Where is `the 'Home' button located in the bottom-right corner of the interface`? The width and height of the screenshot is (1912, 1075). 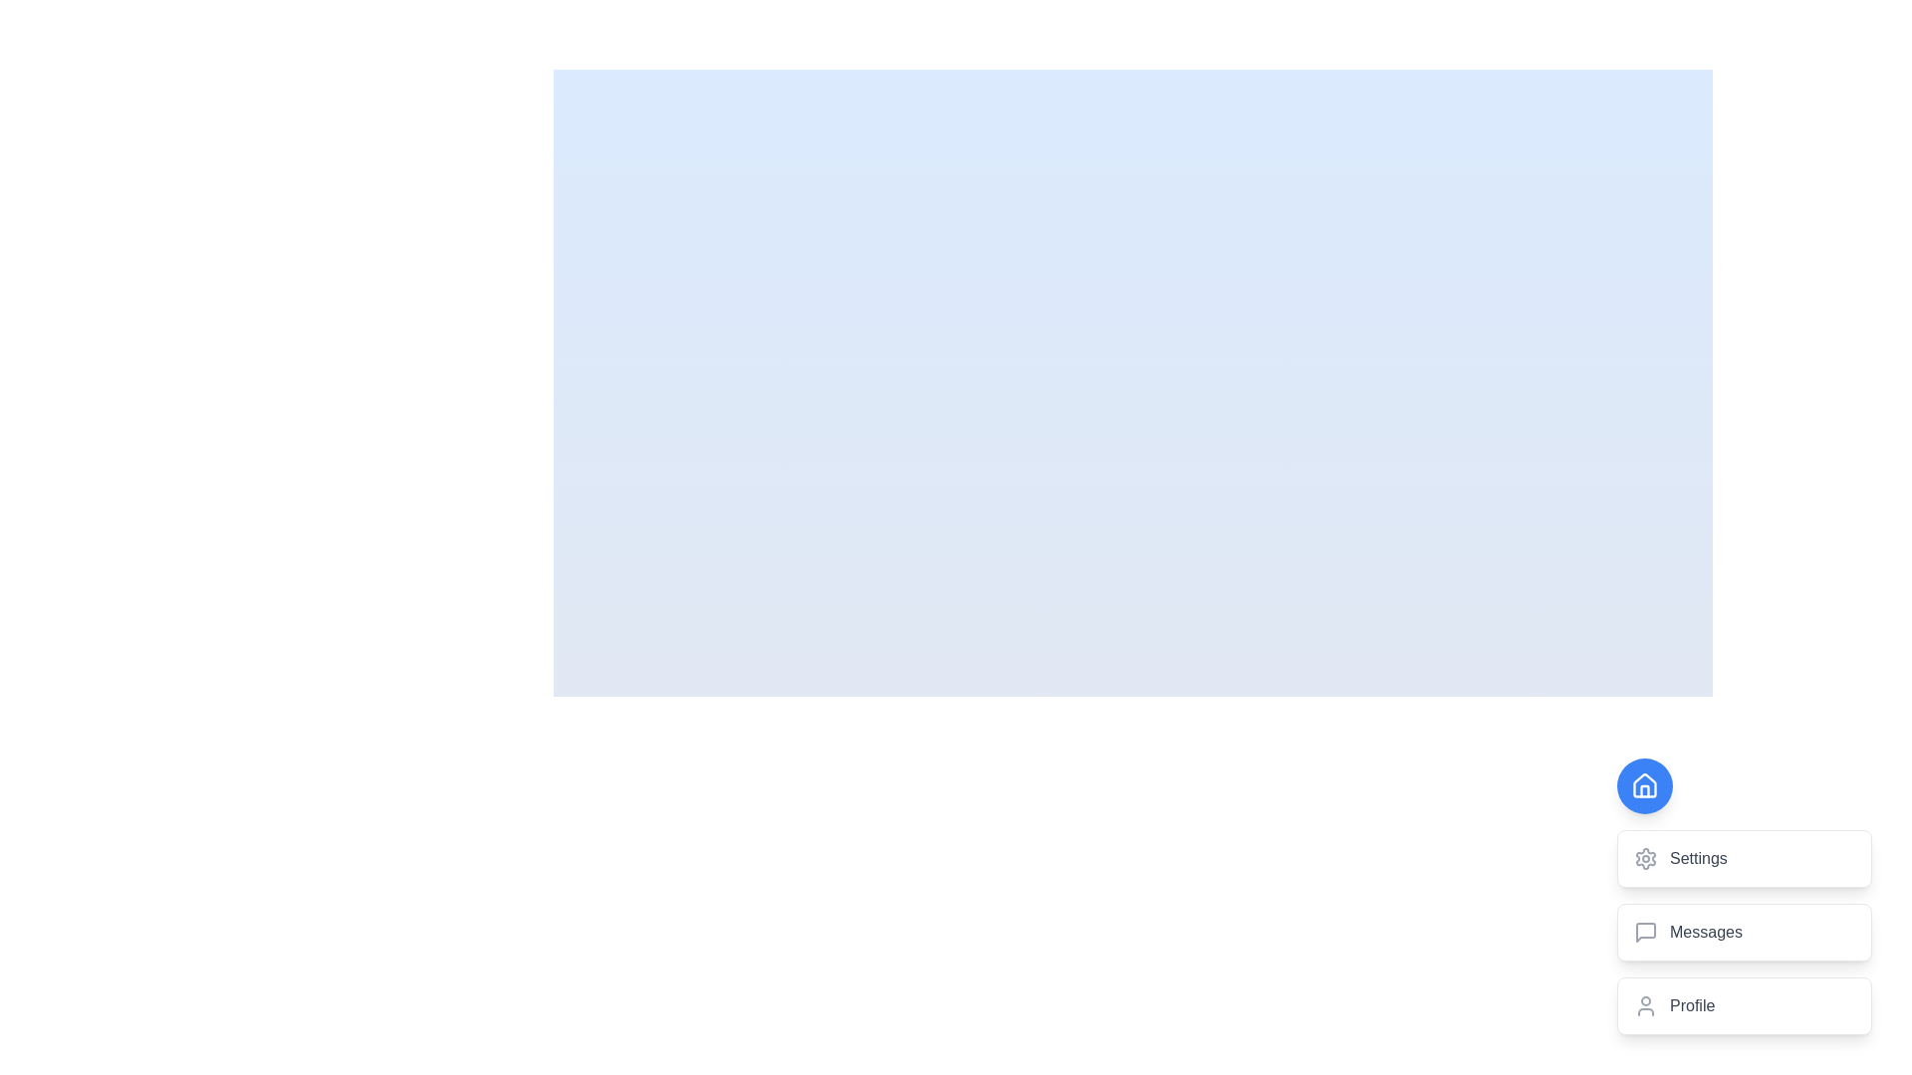
the 'Home' button located in the bottom-right corner of the interface is located at coordinates (1644, 785).